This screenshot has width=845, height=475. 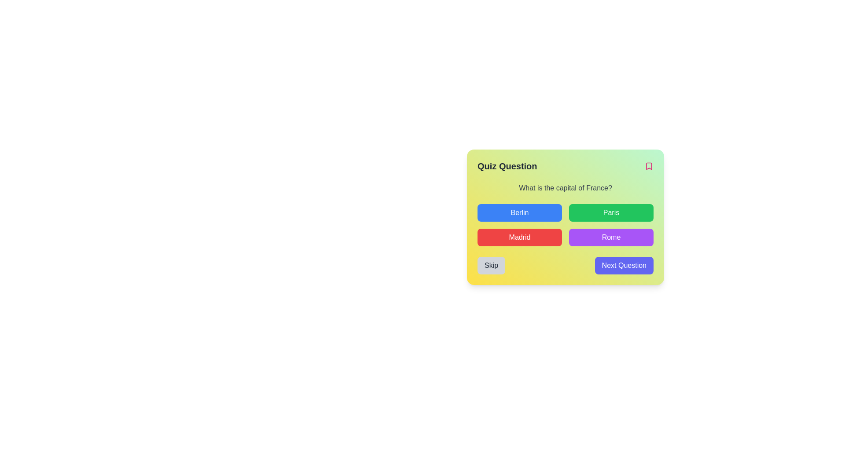 What do you see at coordinates (507, 166) in the screenshot?
I see `the text label that serves as a title or heading for the quiz interface, indicating the current section or context` at bounding box center [507, 166].